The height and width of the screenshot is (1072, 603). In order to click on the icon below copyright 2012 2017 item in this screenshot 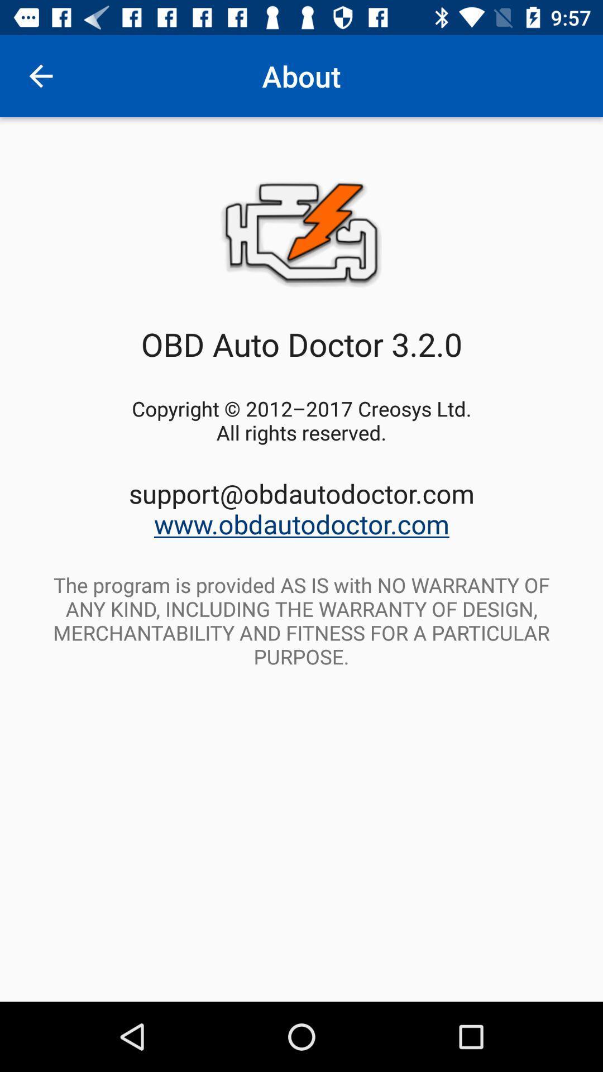, I will do `click(301, 508)`.